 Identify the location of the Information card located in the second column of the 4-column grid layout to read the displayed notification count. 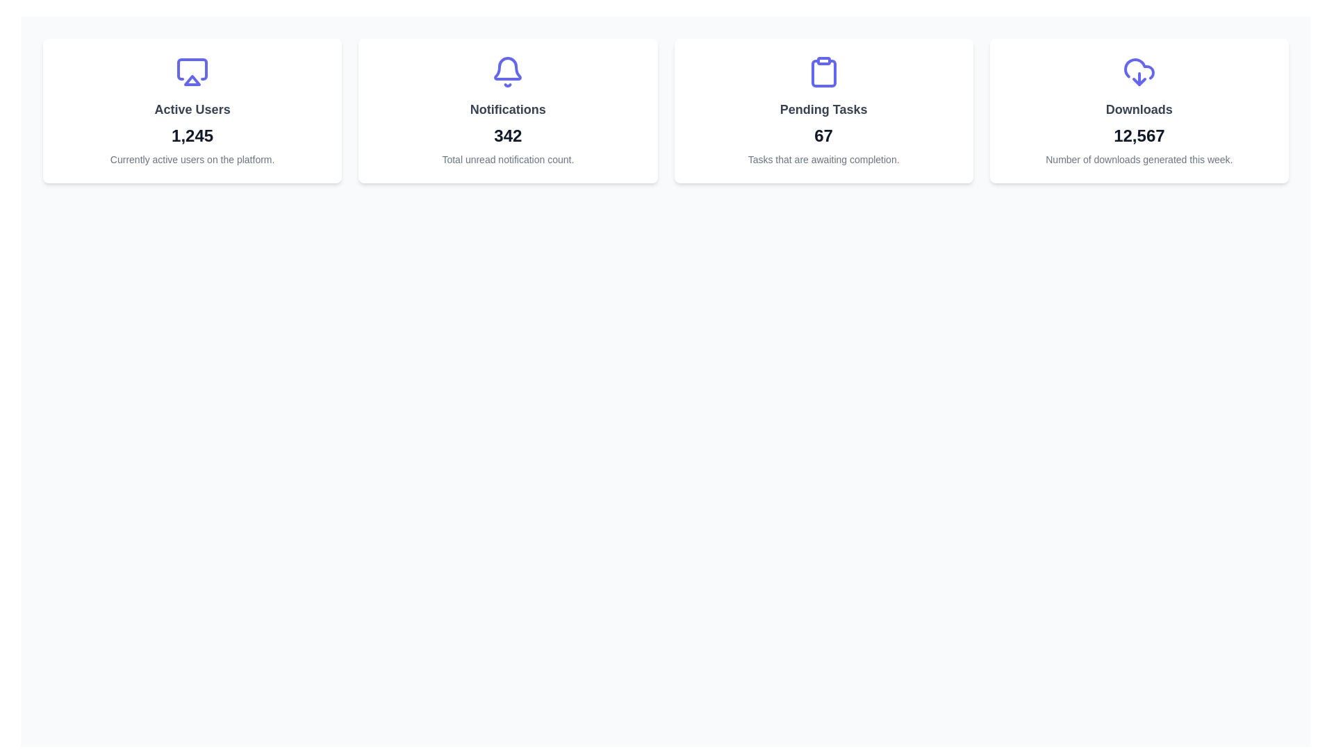
(507, 110).